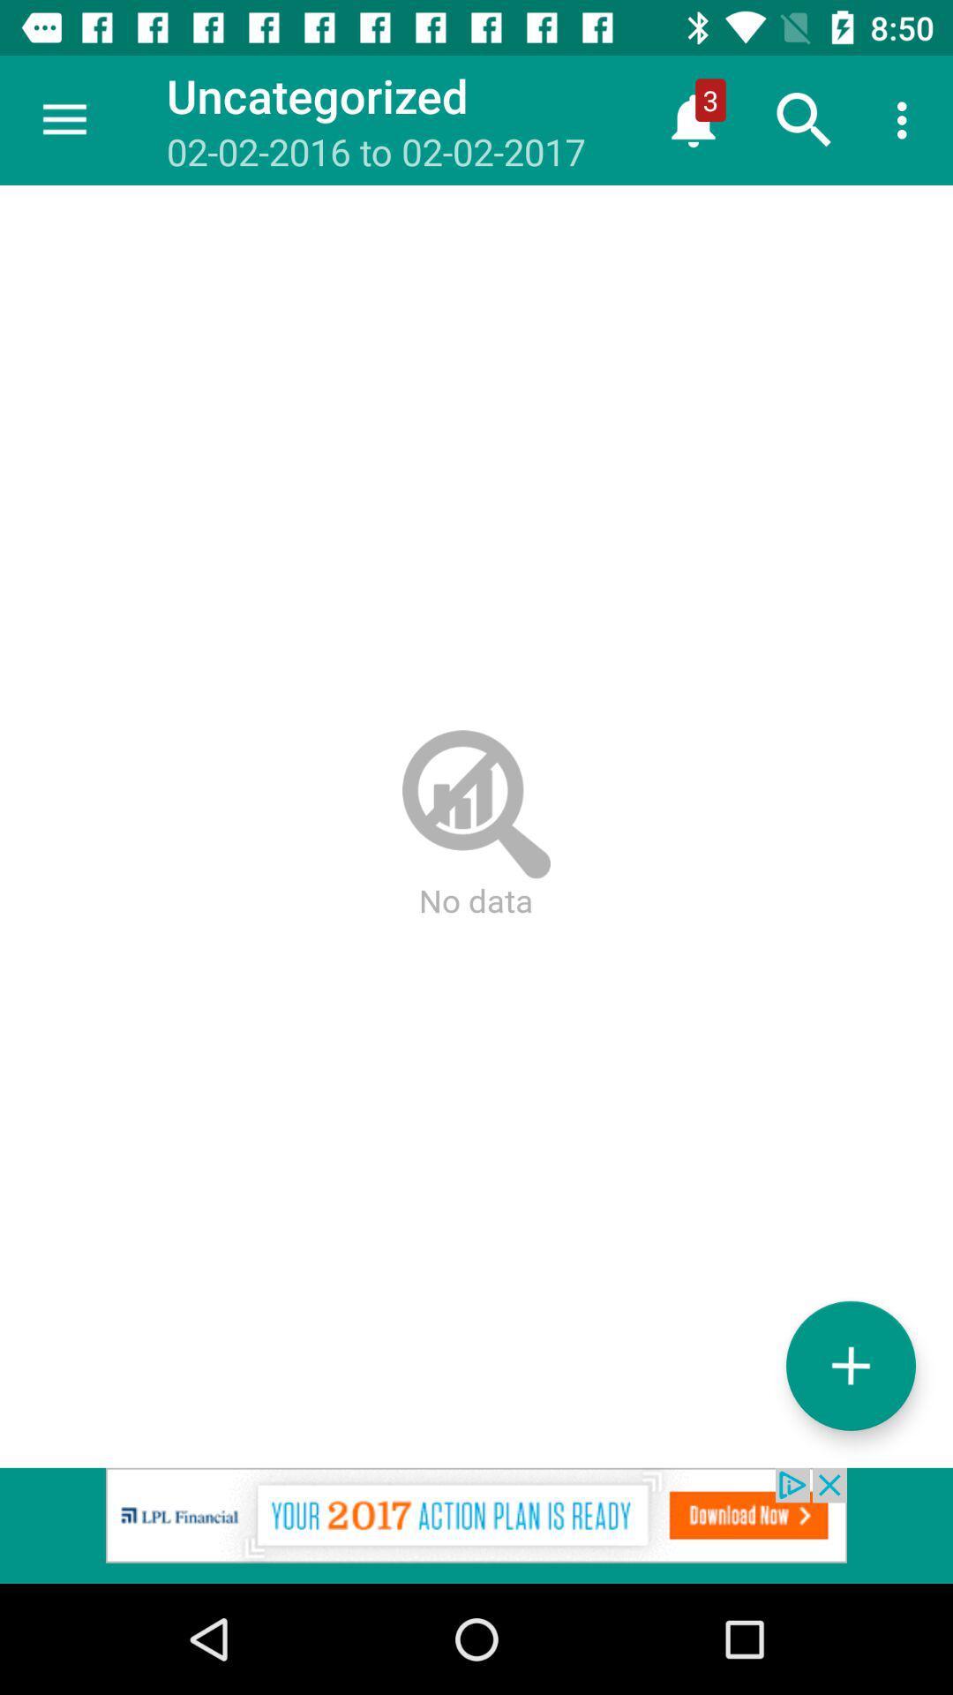  I want to click on more option, so click(850, 1365).